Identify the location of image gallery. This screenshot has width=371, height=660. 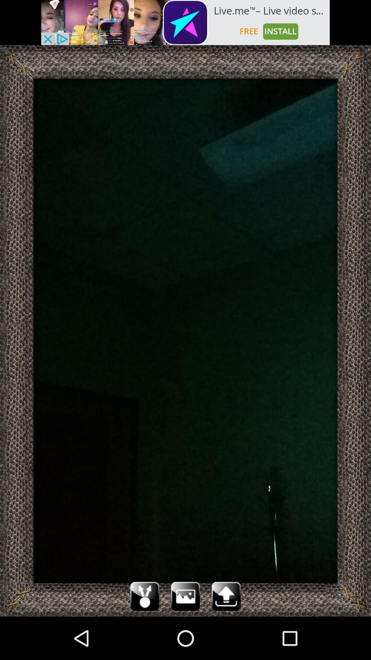
(185, 596).